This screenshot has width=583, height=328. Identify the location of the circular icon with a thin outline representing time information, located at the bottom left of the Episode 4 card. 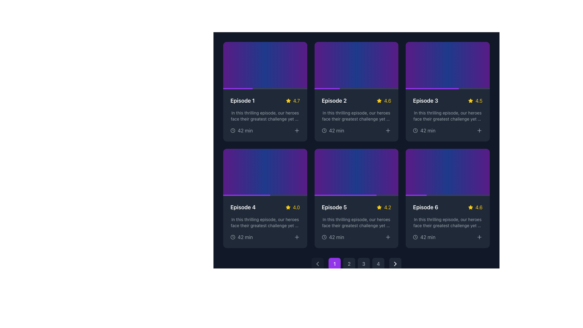
(233, 237).